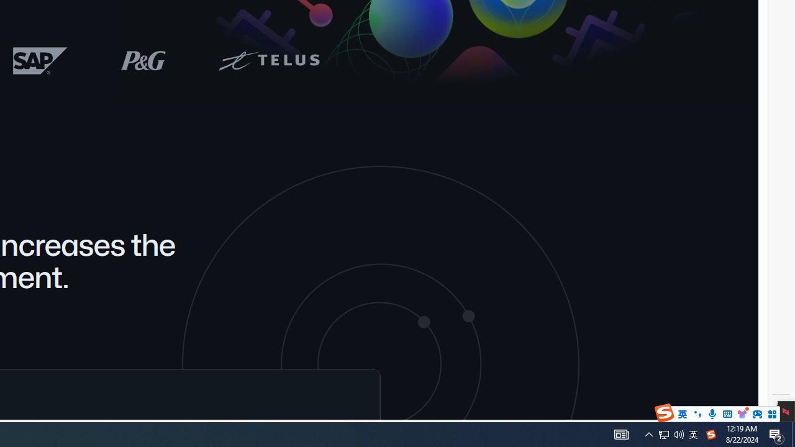 This screenshot has height=447, width=795. Describe the element at coordinates (670, 433) in the screenshot. I see `'User Promoted Notification Area'` at that location.